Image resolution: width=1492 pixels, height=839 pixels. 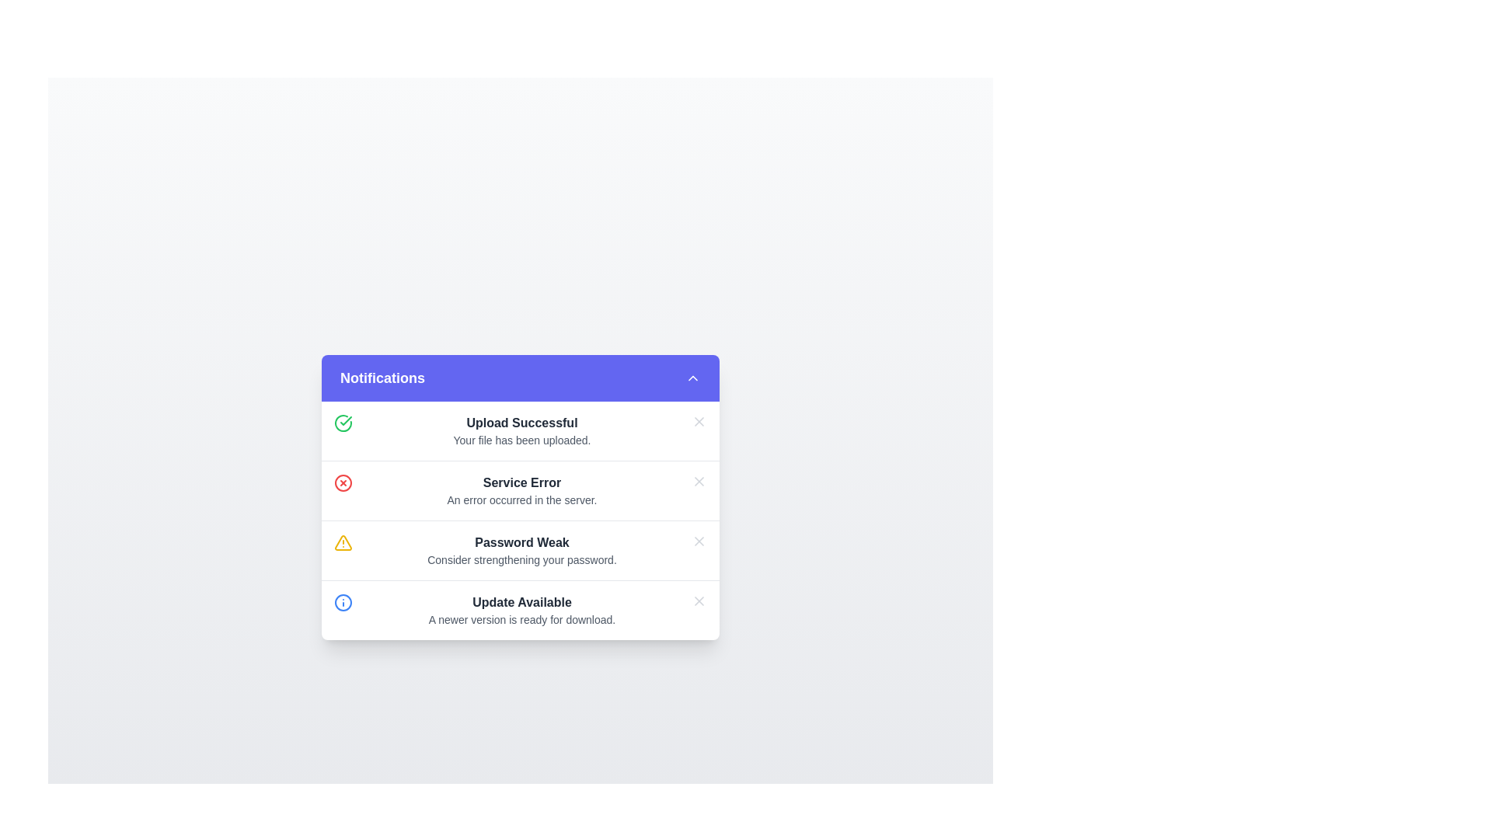 What do you see at coordinates (522, 549) in the screenshot?
I see `the notification text block that informs the user about a weak password, which is the third notification in the panel` at bounding box center [522, 549].